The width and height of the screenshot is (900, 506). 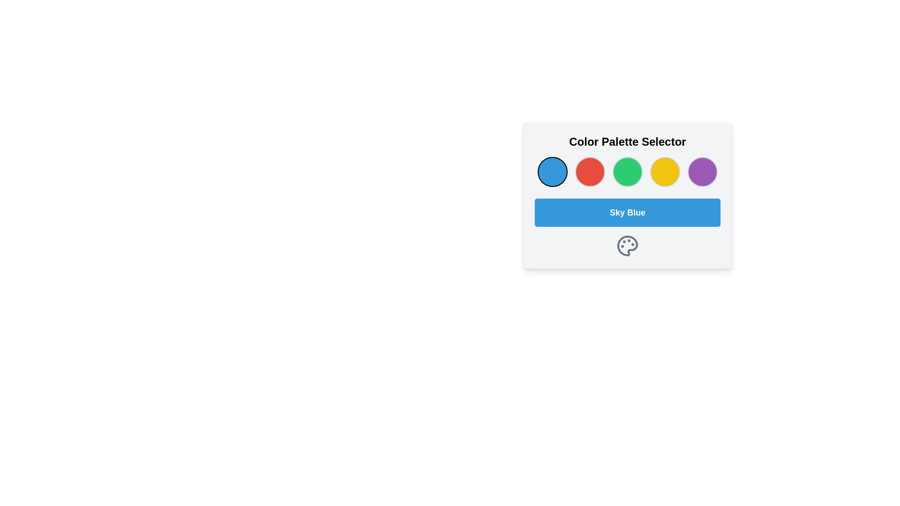 What do you see at coordinates (702, 171) in the screenshot?
I see `the circular button with a prominent purple background and light gray border in the 'Color Palette Selector' component` at bounding box center [702, 171].